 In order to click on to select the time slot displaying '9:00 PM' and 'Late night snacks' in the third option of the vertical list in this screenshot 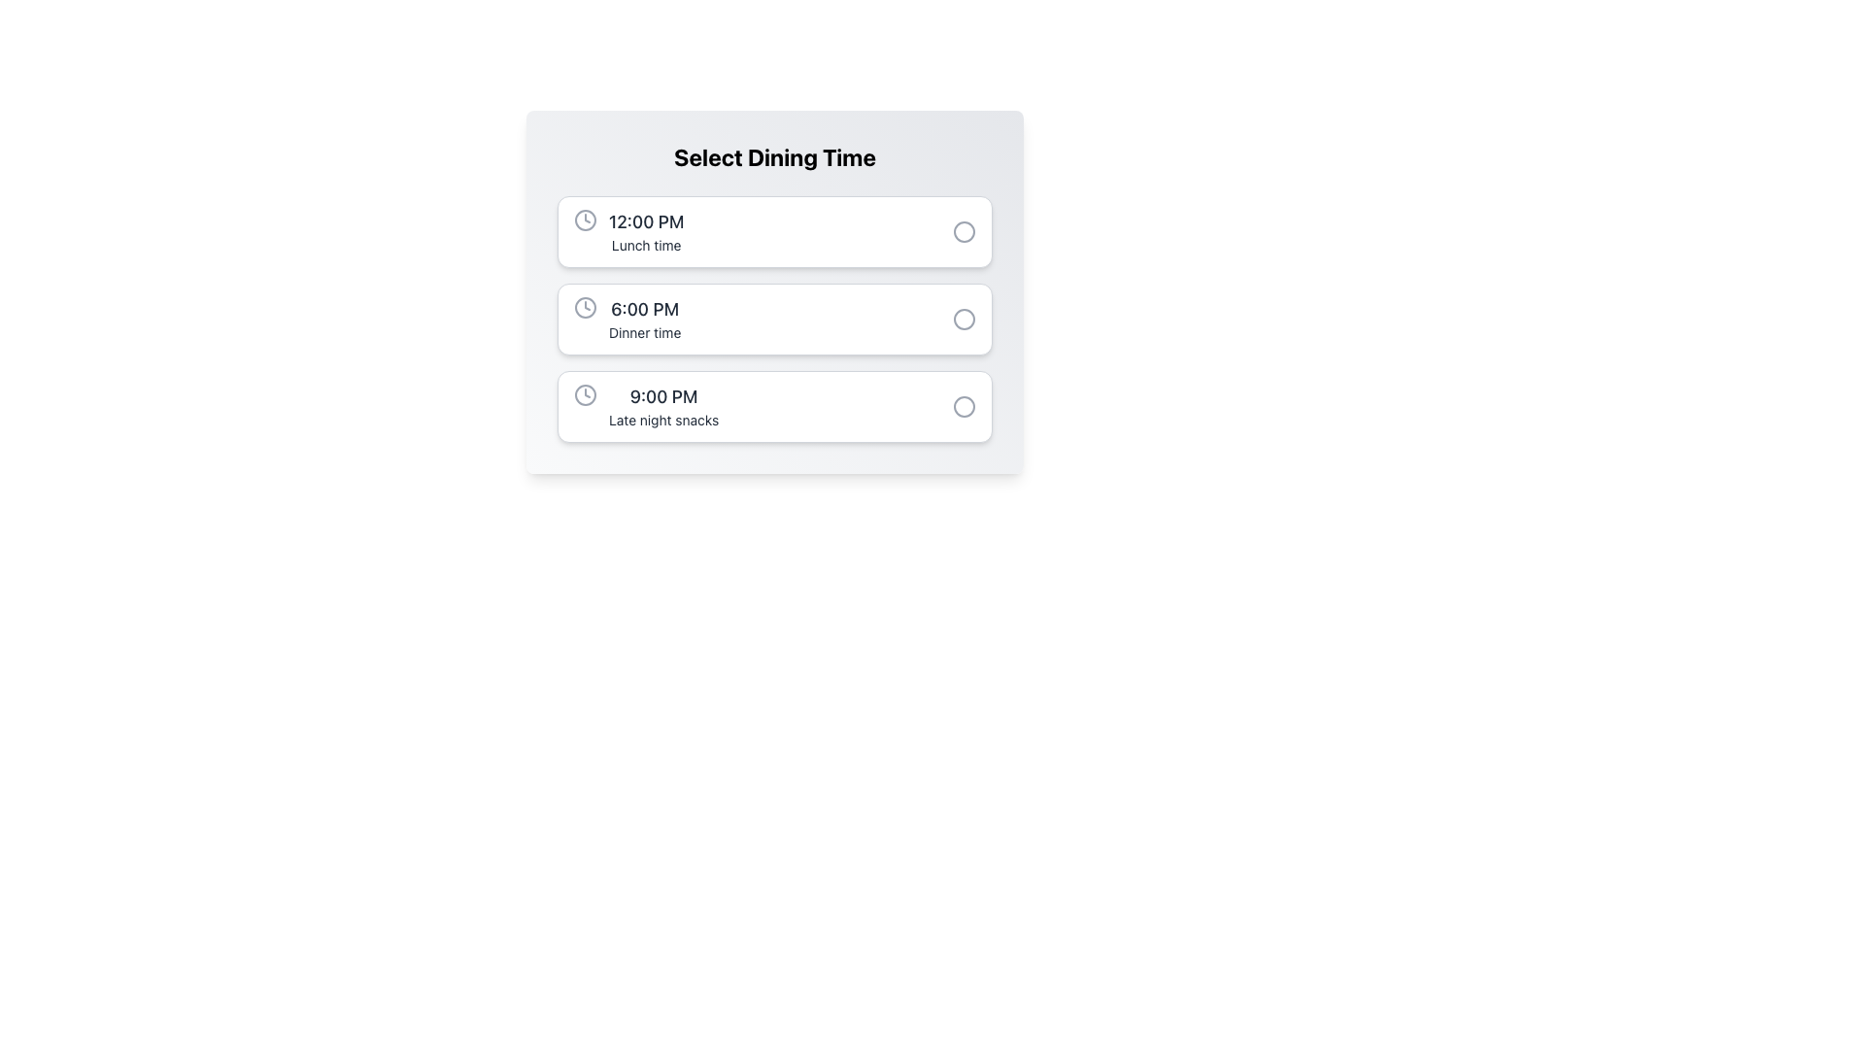, I will do `click(663, 406)`.